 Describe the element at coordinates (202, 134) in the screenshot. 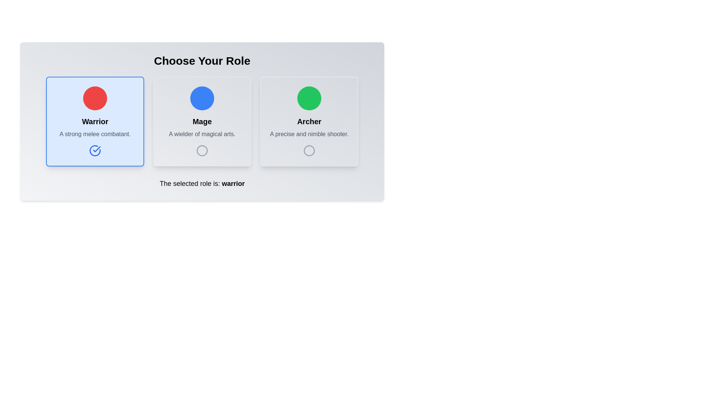

I see `the text element that displays 'A wielder of magical arts.' located below the title 'Mage' within the Mage card` at that location.